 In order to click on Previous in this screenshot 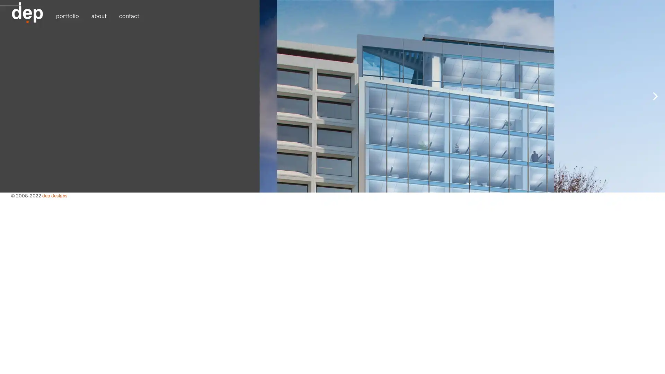, I will do `click(10, 225)`.